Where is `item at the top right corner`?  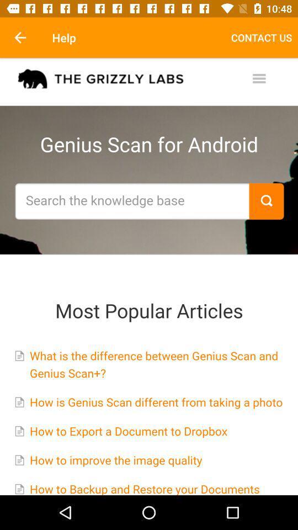
item at the top right corner is located at coordinates (261, 38).